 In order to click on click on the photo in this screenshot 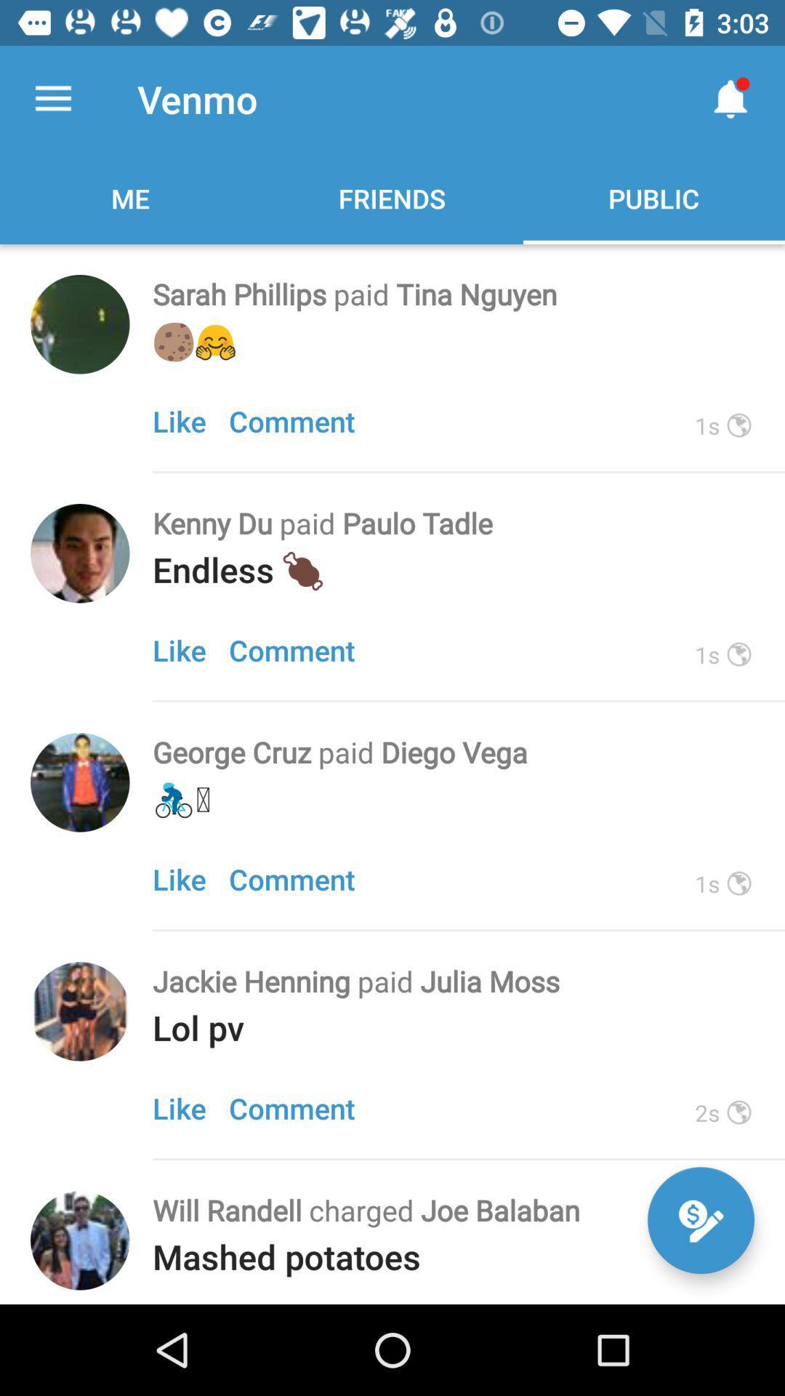, I will do `click(80, 553)`.